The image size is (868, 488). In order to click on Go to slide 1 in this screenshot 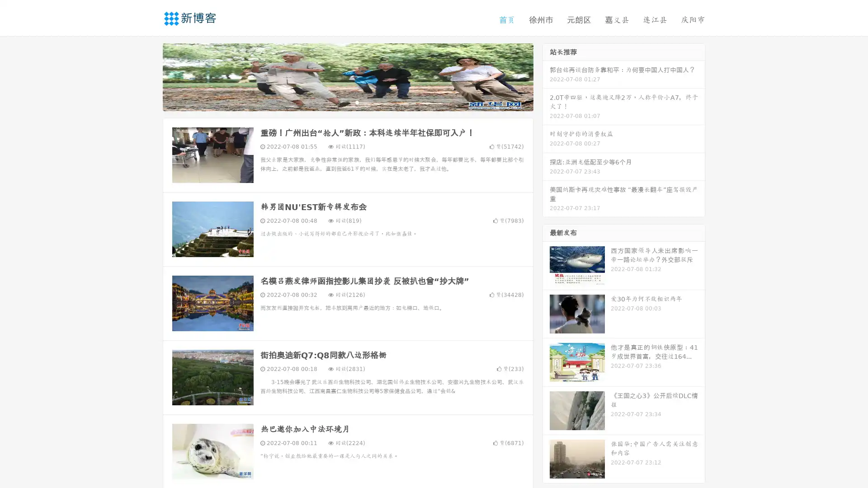, I will do `click(338, 102)`.